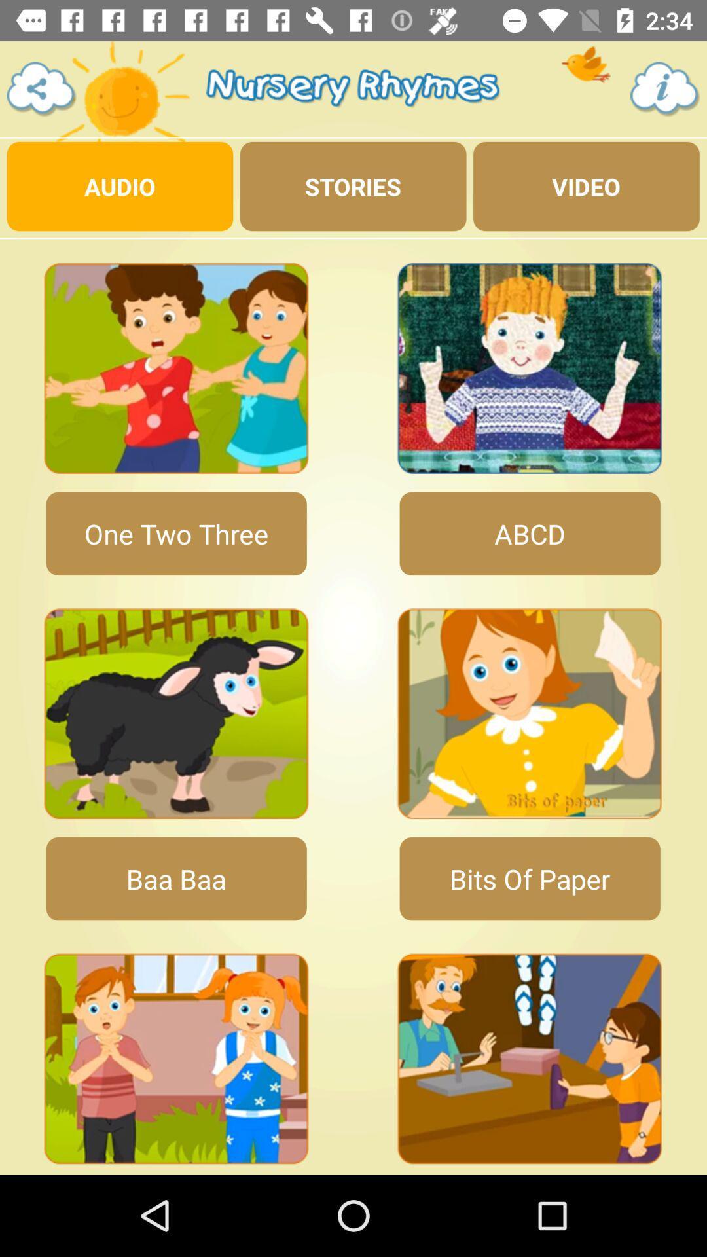  I want to click on share this, so click(41, 88).